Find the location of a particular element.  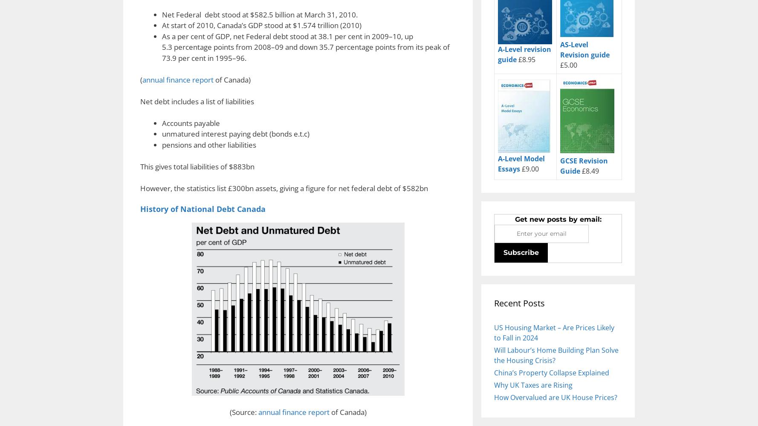

'AS-Level Revision guide' is located at coordinates (560, 49).